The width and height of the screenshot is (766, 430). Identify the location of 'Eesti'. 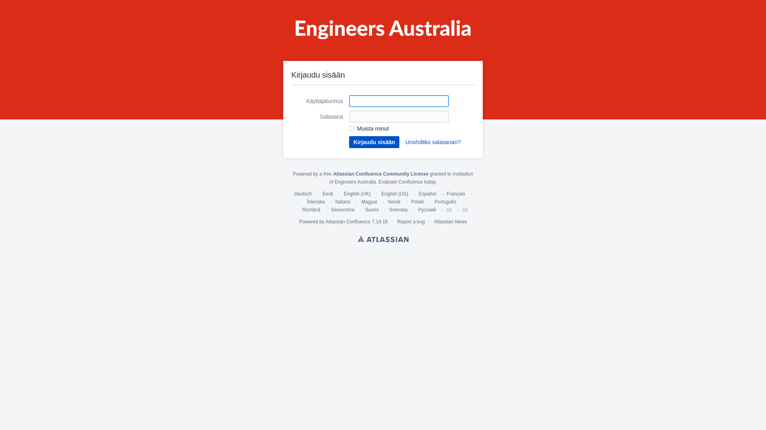
(328, 193).